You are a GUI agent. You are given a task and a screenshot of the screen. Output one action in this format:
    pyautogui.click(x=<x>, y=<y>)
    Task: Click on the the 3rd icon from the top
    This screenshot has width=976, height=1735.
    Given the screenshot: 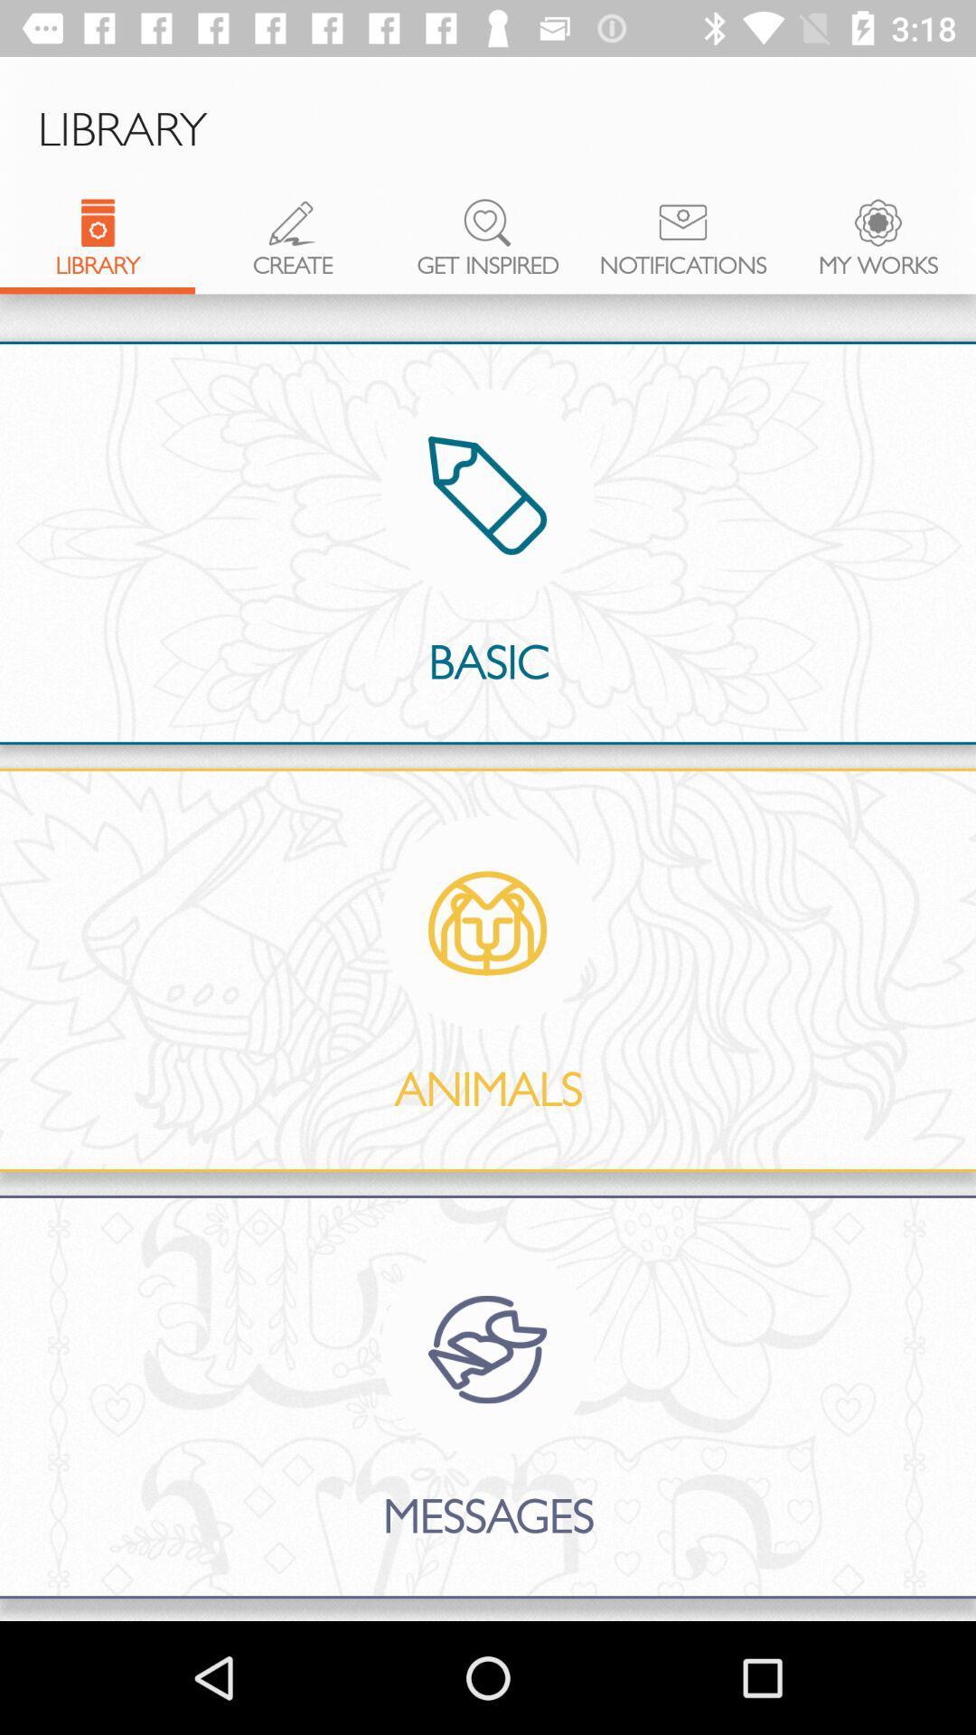 What is the action you would take?
    pyautogui.click(x=488, y=221)
    